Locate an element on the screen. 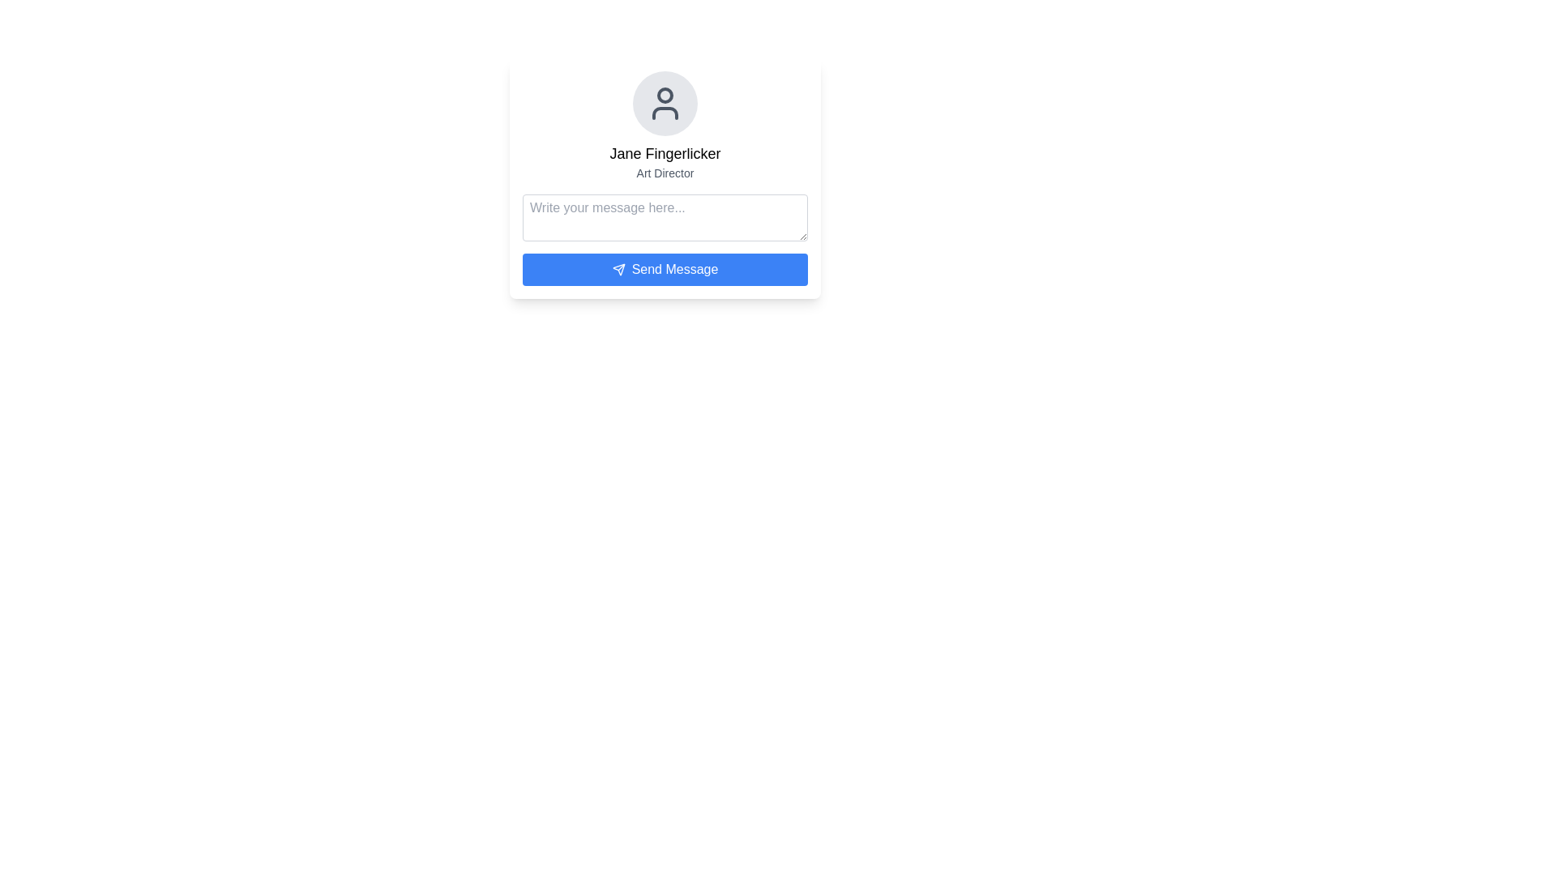 This screenshot has width=1556, height=875. the send icon, which is a triangular paper airplane styled with a thin outline and located to the left of the 'Send Message' button at the bottom of the user information card is located at coordinates (618, 268).